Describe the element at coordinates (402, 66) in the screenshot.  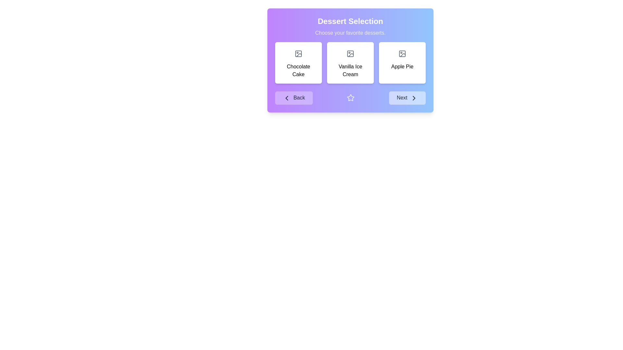
I see `the label for the dessert option 'Apple Pie', which is represented by the associated card as the third option in the row of dessert cards` at that location.